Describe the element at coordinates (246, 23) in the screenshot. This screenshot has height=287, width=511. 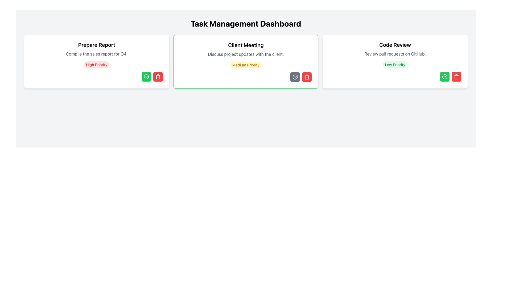
I see `the title element styled with bold, large text, reading 'Task Management Dashboard', positioned at the top of the interface` at that location.